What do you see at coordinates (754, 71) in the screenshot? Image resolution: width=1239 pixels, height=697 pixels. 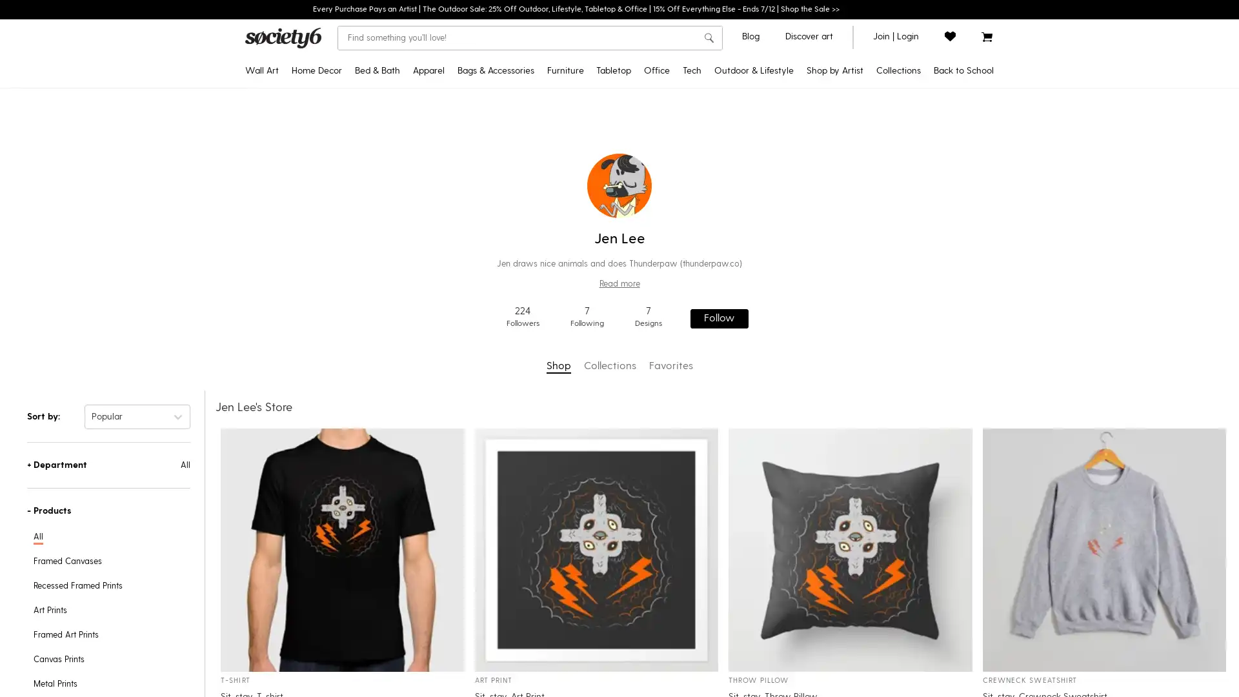 I see `Outdoor & Lifestyle` at bounding box center [754, 71].